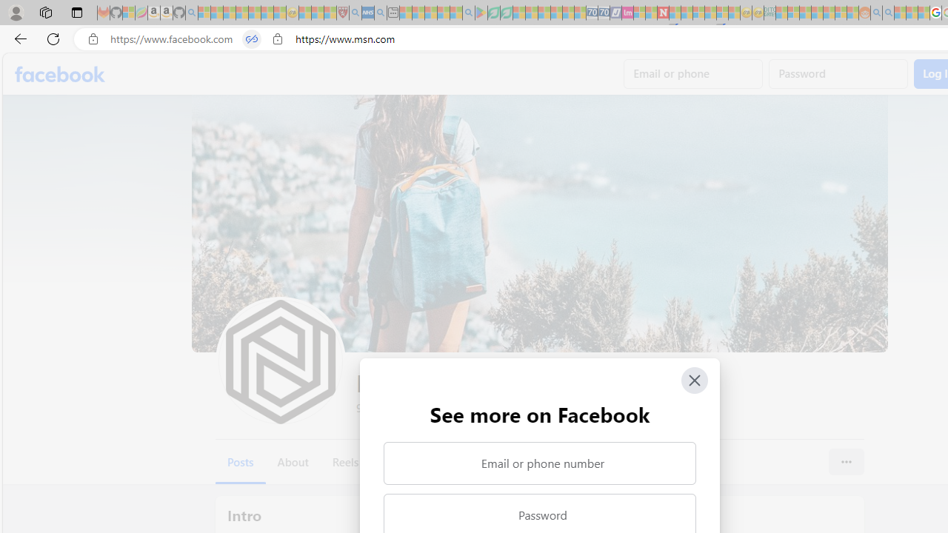  I want to click on 'DITOGAMES AG Imprint - Sleeping', so click(770, 13).